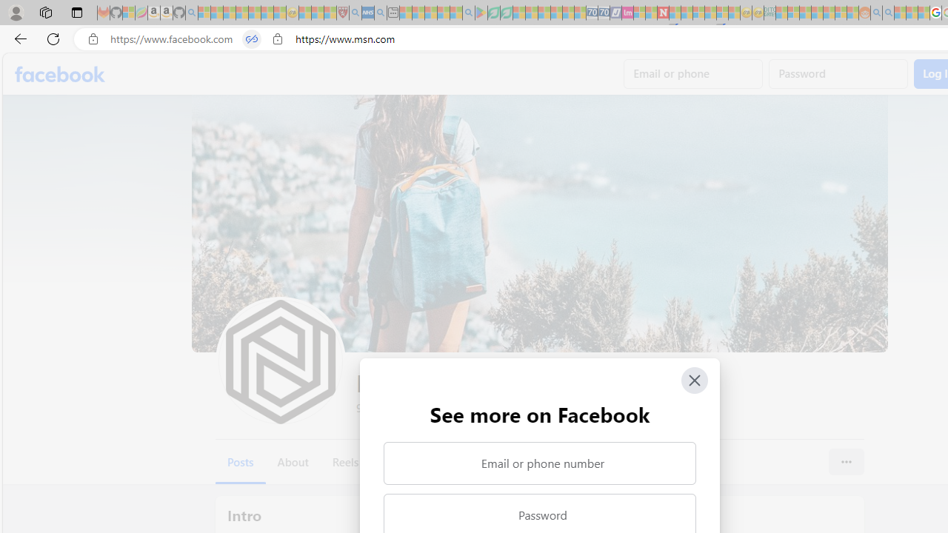  I want to click on 'DITOGAMES AG Imprint - Sleeping', so click(770, 13).